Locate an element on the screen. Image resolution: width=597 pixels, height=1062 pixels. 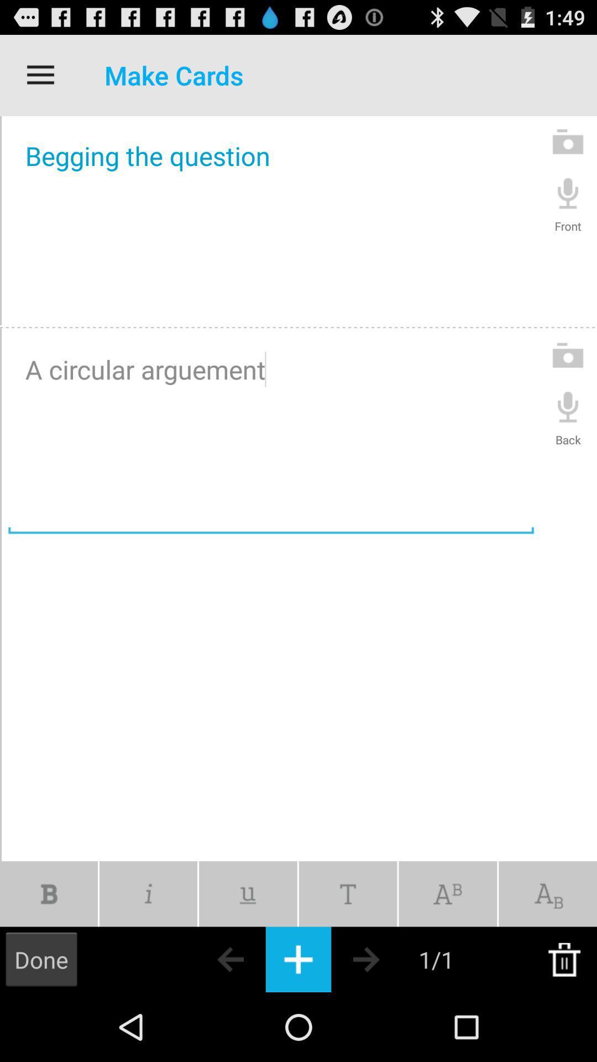
the camera icon to the right of a circular arguement is located at coordinates (568, 355).